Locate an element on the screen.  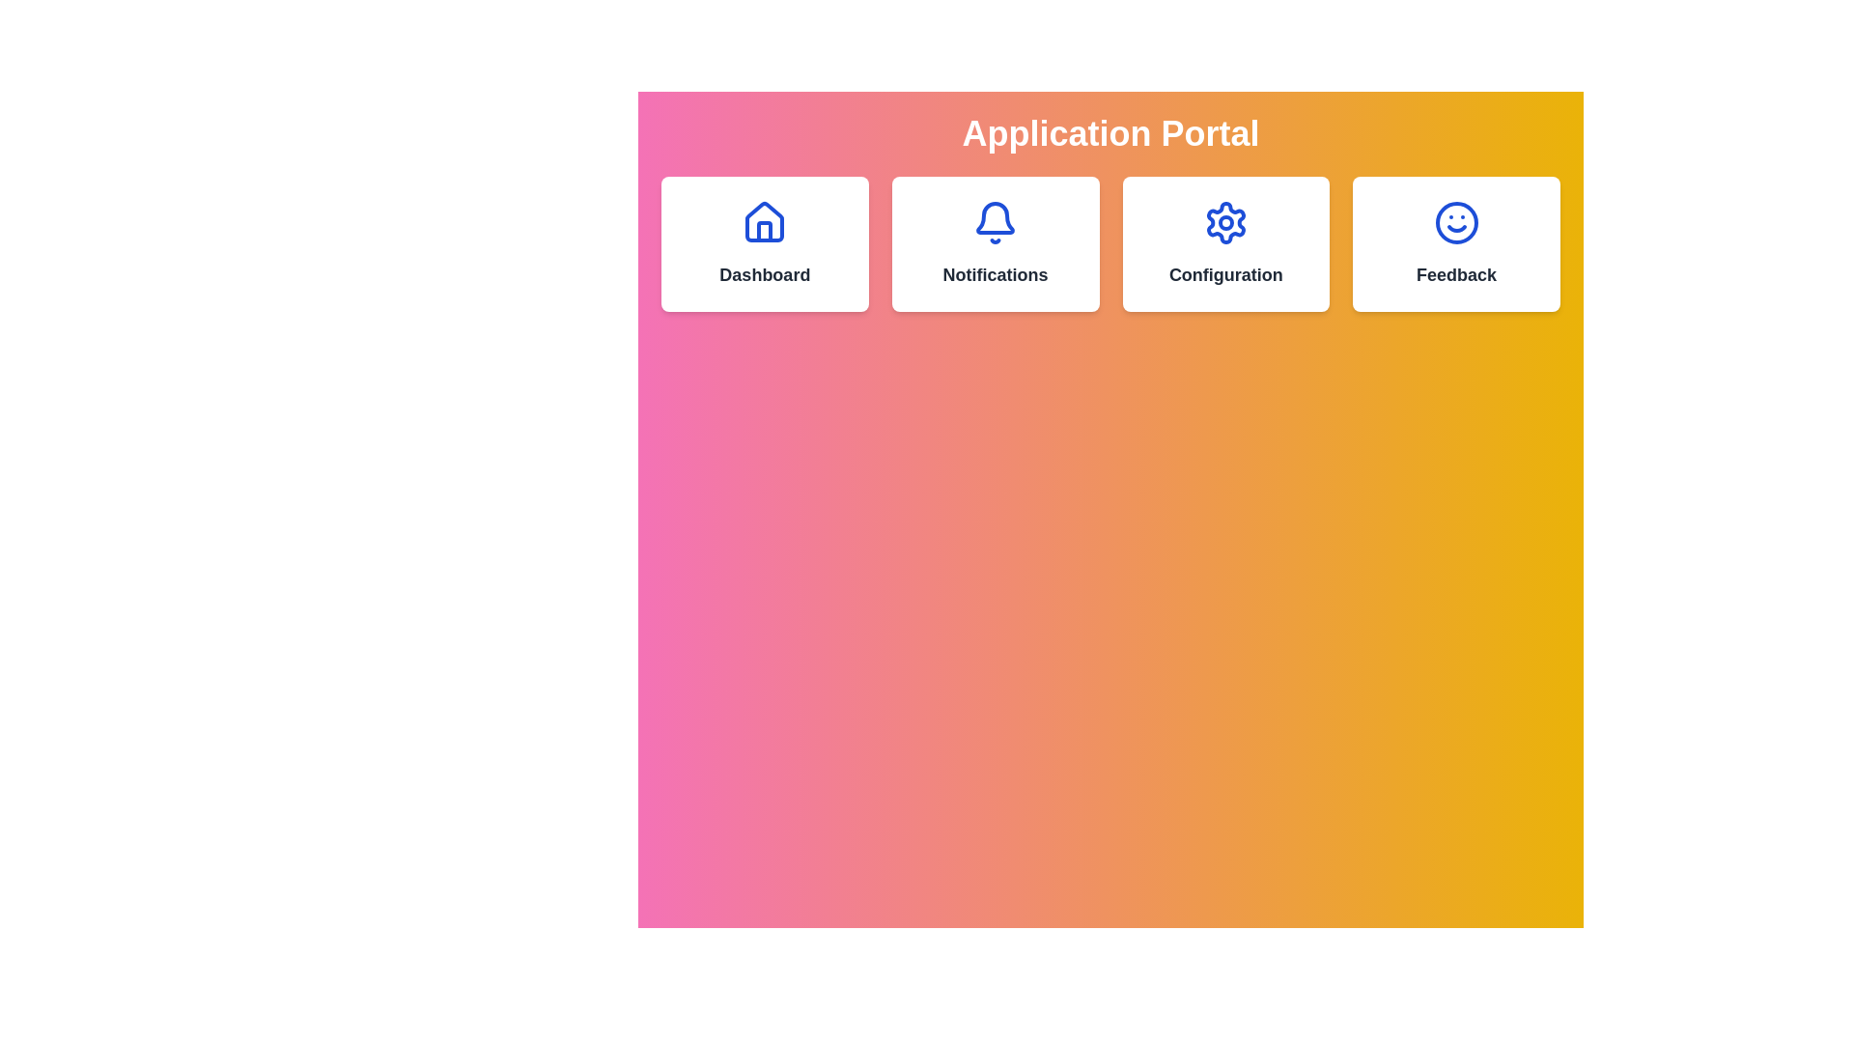
the 'Configuration' Text Label located in the third square card from the left in a four-card horizontal layout is located at coordinates (1224, 275).